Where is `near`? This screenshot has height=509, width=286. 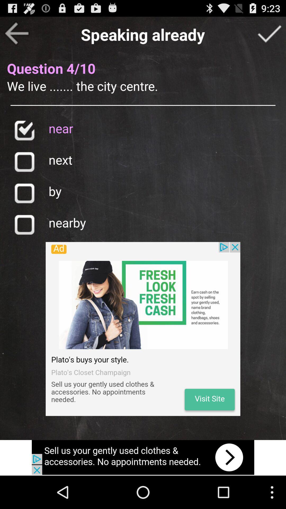
near is located at coordinates (24, 130).